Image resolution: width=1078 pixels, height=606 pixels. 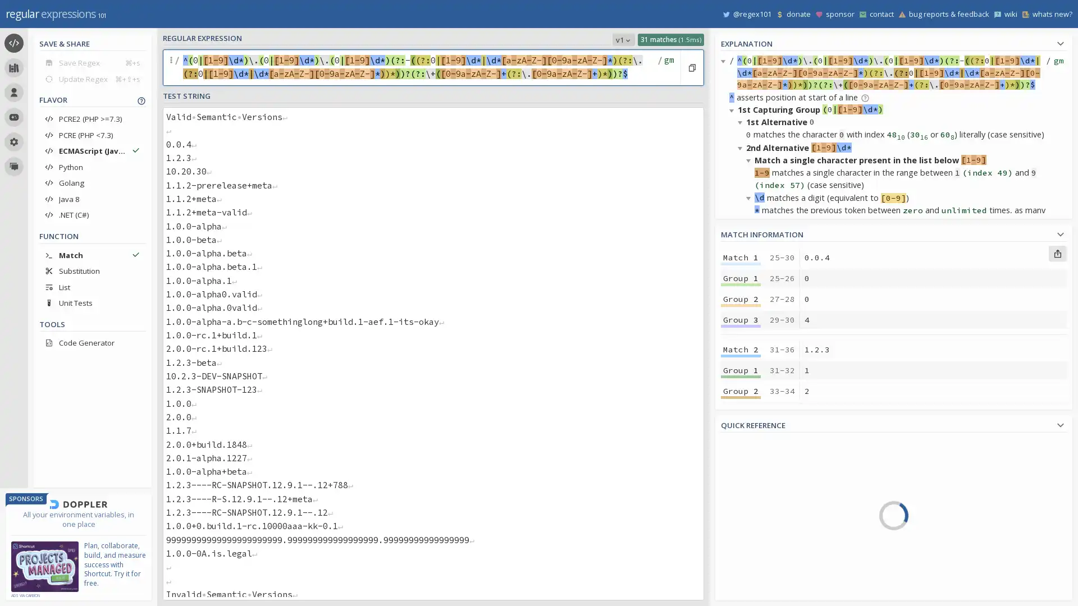 I want to click on Collapse Subtree, so click(x=742, y=590).